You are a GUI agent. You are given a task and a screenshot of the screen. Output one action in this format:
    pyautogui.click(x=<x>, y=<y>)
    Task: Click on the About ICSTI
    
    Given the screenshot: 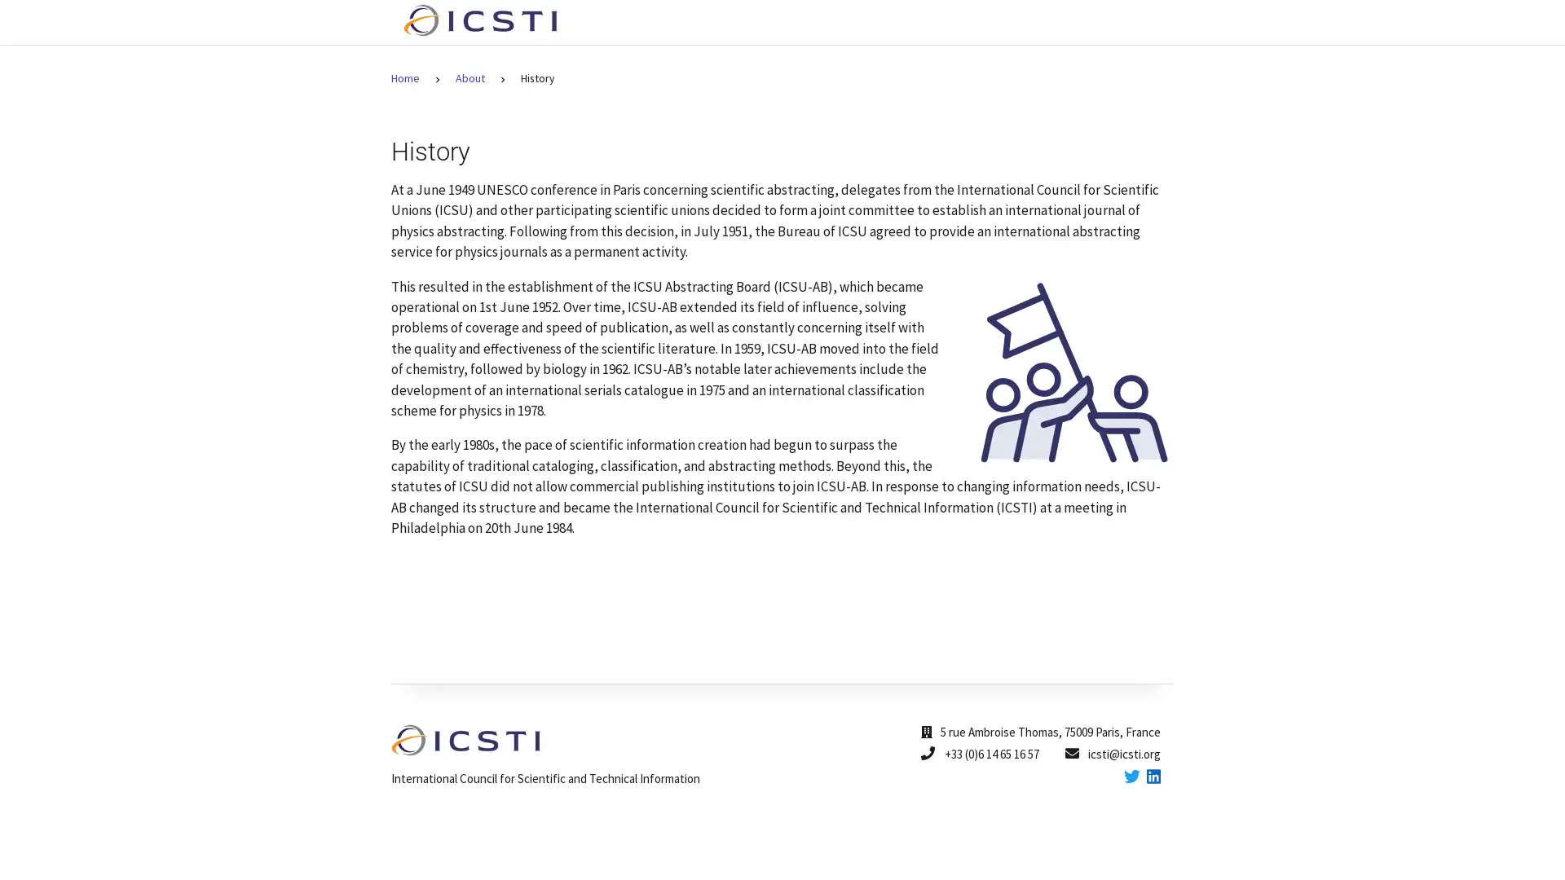 What is the action you would take?
    pyautogui.click(x=799, y=22)
    